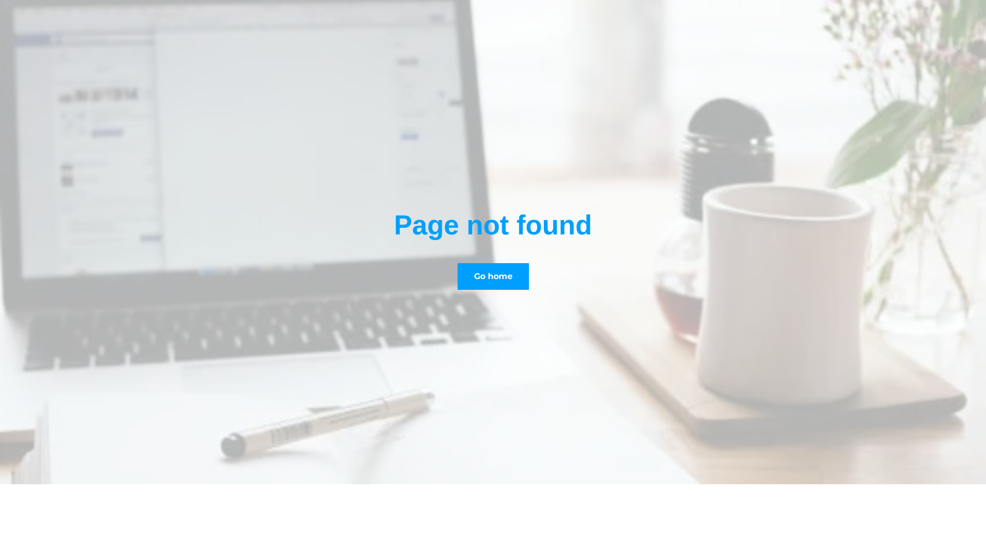 This screenshot has height=554, width=986. I want to click on 'Go home', so click(456, 276).